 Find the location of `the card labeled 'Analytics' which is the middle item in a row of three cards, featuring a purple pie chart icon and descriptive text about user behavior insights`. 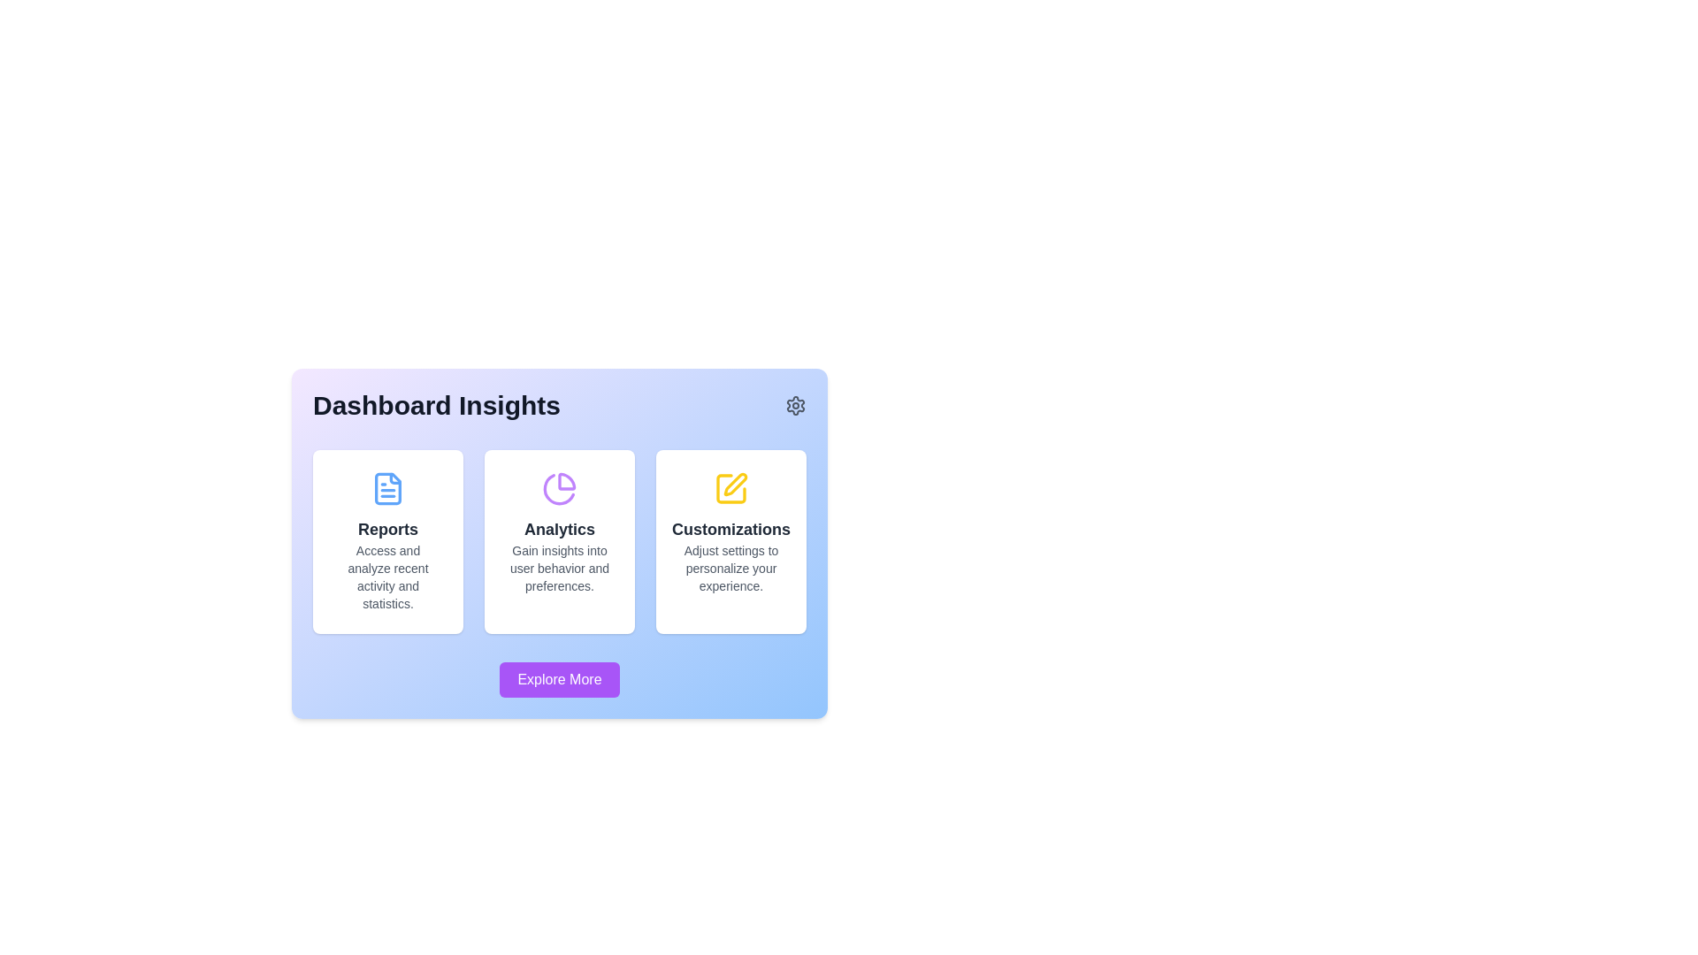

the card labeled 'Analytics' which is the middle item in a row of three cards, featuring a purple pie chart icon and descriptive text about user behavior insights is located at coordinates (559, 541).